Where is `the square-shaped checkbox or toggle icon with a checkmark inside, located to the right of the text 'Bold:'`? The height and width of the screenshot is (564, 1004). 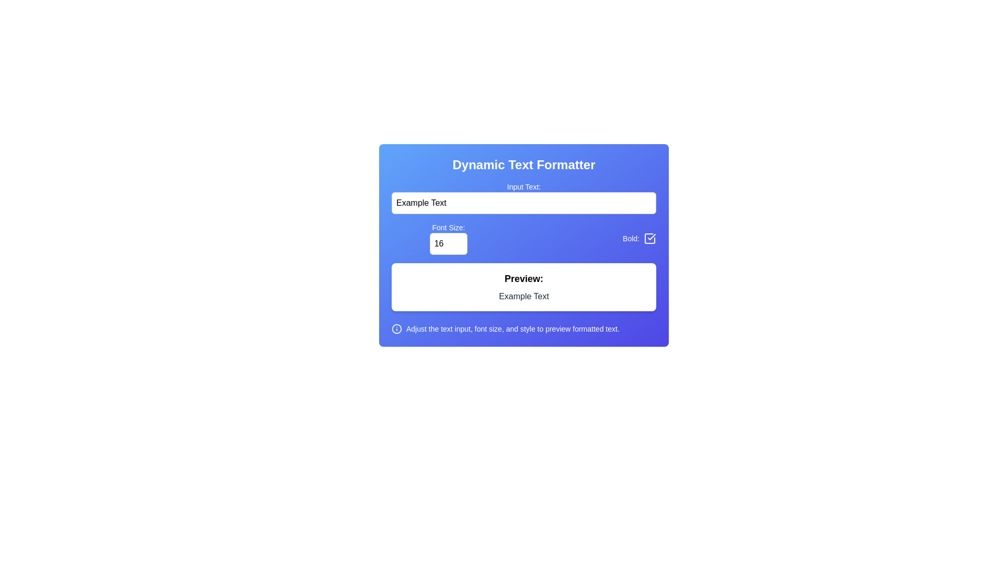
the square-shaped checkbox or toggle icon with a checkmark inside, located to the right of the text 'Bold:' is located at coordinates (649, 238).